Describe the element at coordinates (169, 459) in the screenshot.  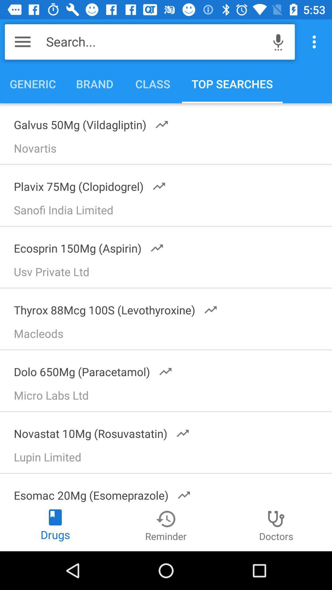
I see `the lupin limited` at that location.